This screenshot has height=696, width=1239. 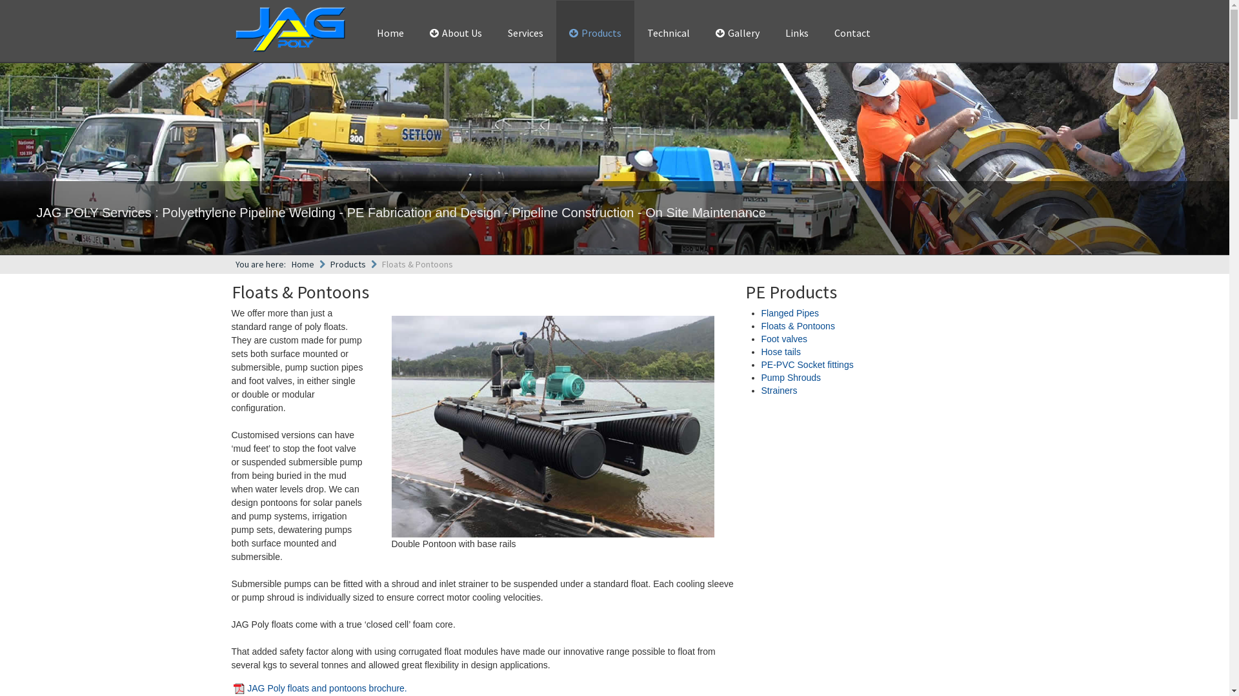 I want to click on 'Hose tails', so click(x=780, y=352).